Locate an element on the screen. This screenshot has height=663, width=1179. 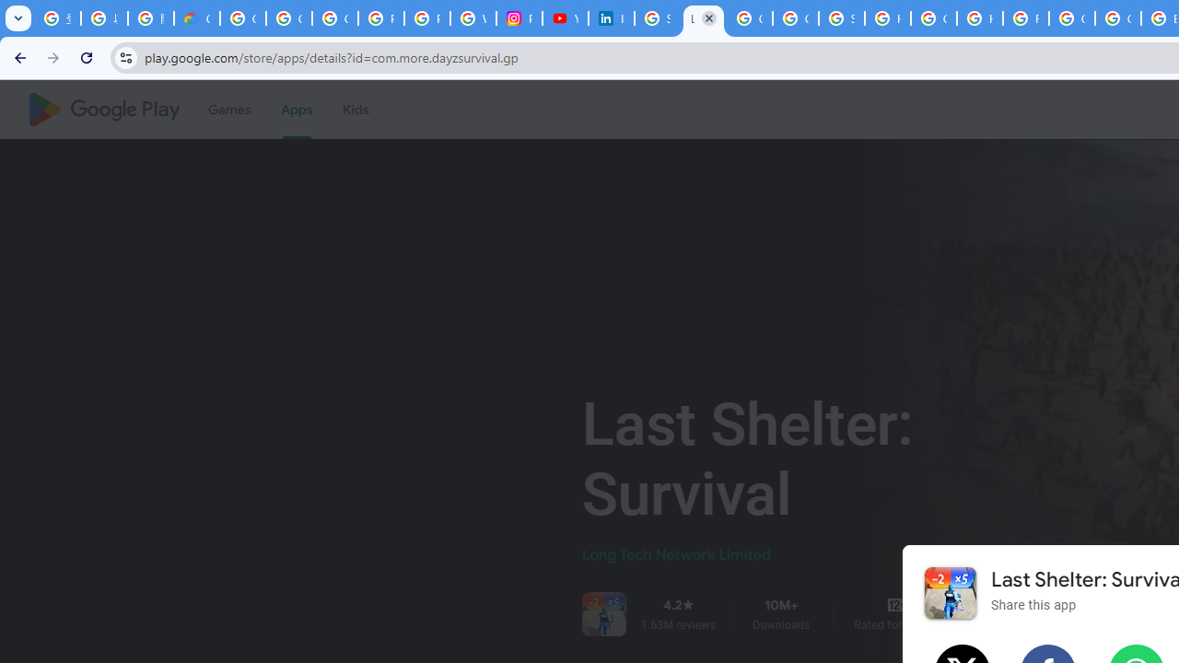
'Last Shelter: Survival - Apps on Google Play' is located at coordinates (702, 18).